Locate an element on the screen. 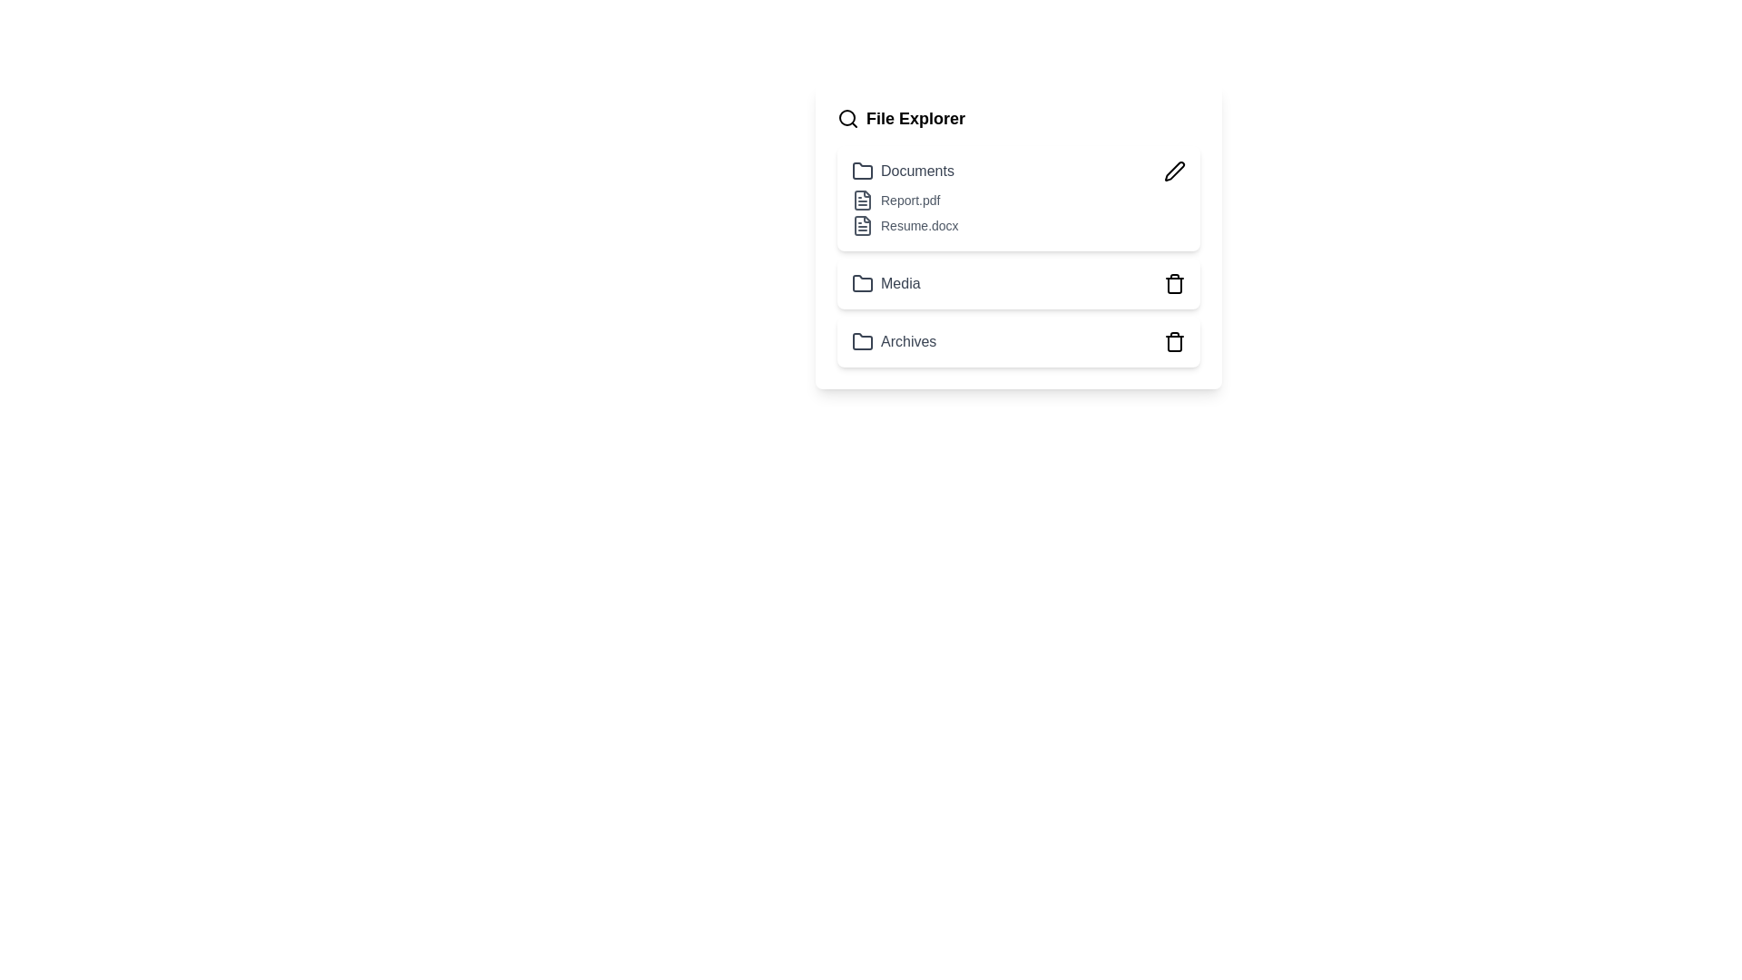 The width and height of the screenshot is (1742, 980). the search icon, which is a magnifying glass graphic located to the left of the 'File Explorer' text at the top-left corner of the File Explorer section is located at coordinates (847, 119).